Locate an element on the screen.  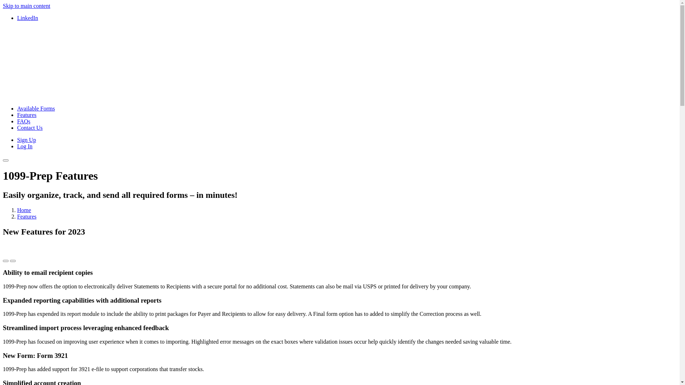
'Skip to main content' is located at coordinates (26, 6).